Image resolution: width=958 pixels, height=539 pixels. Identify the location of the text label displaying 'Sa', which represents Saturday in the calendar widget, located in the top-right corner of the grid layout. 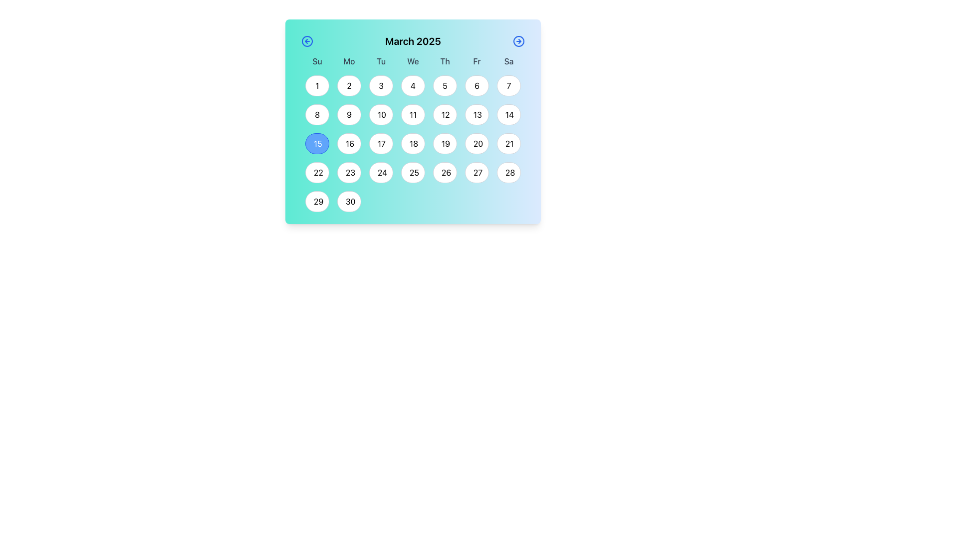
(508, 61).